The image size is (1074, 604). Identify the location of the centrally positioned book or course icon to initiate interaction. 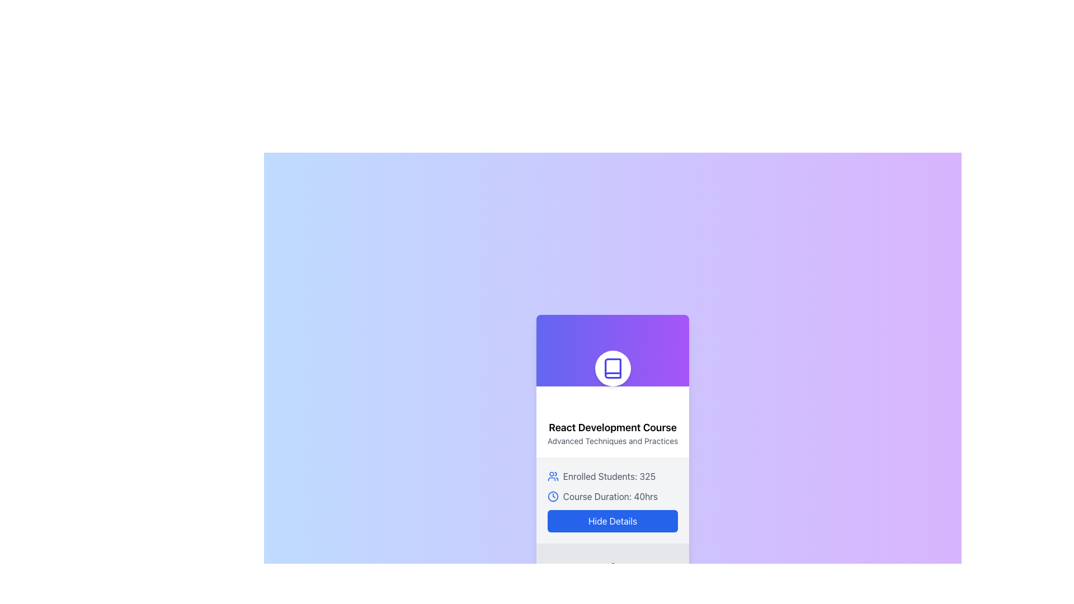
(612, 369).